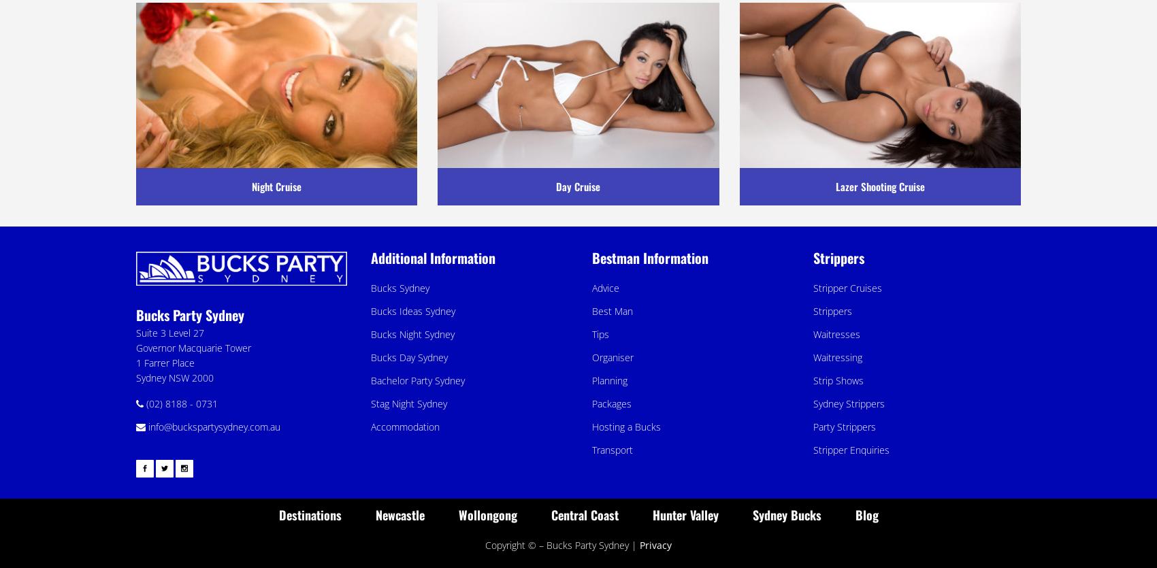 Image resolution: width=1157 pixels, height=568 pixels. Describe the element at coordinates (612, 310) in the screenshot. I see `'Best Man'` at that location.